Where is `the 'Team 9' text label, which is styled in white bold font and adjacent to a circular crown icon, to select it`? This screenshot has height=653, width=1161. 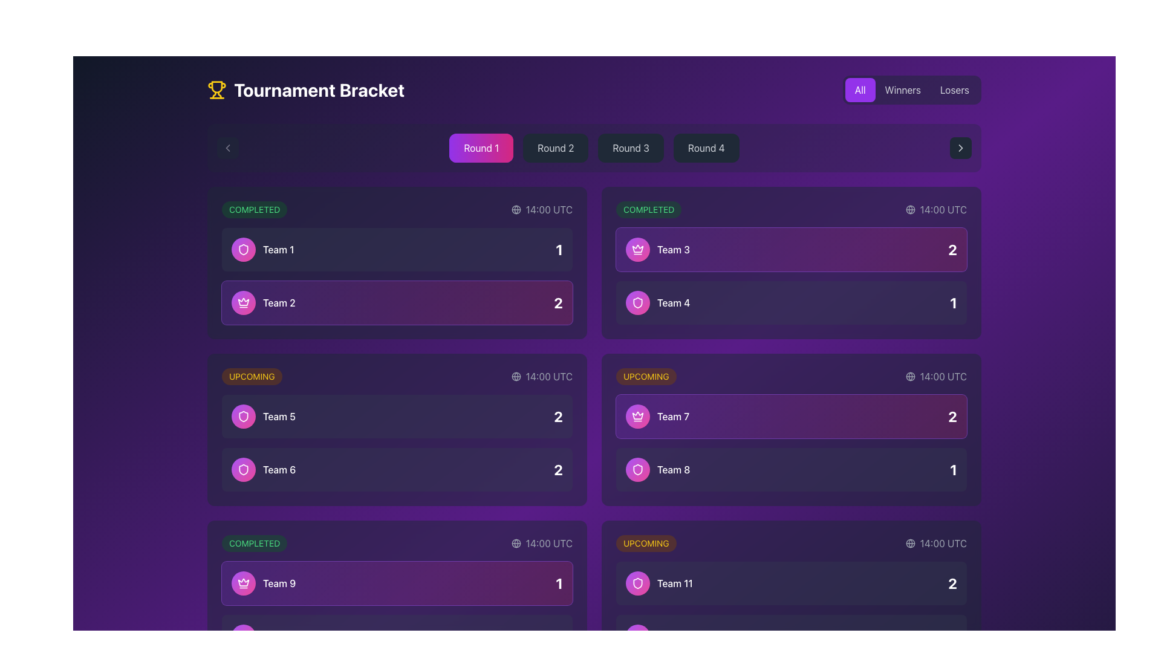 the 'Team 9' text label, which is styled in white bold font and adjacent to a circular crown icon, to select it is located at coordinates (263, 582).